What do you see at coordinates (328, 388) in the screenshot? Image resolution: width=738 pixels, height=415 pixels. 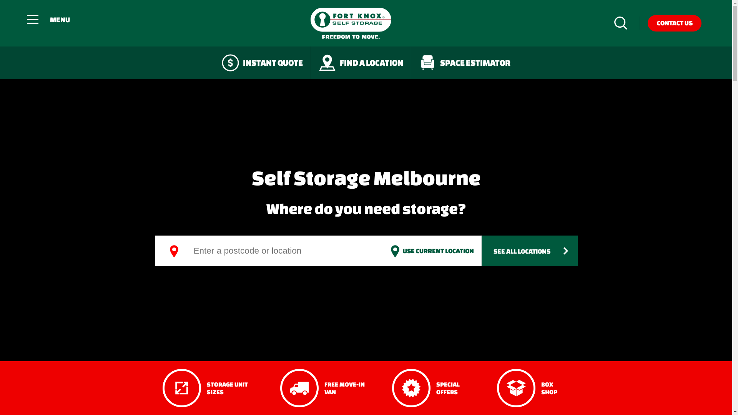 I see `'FREE MOVE-IN VAN'` at bounding box center [328, 388].